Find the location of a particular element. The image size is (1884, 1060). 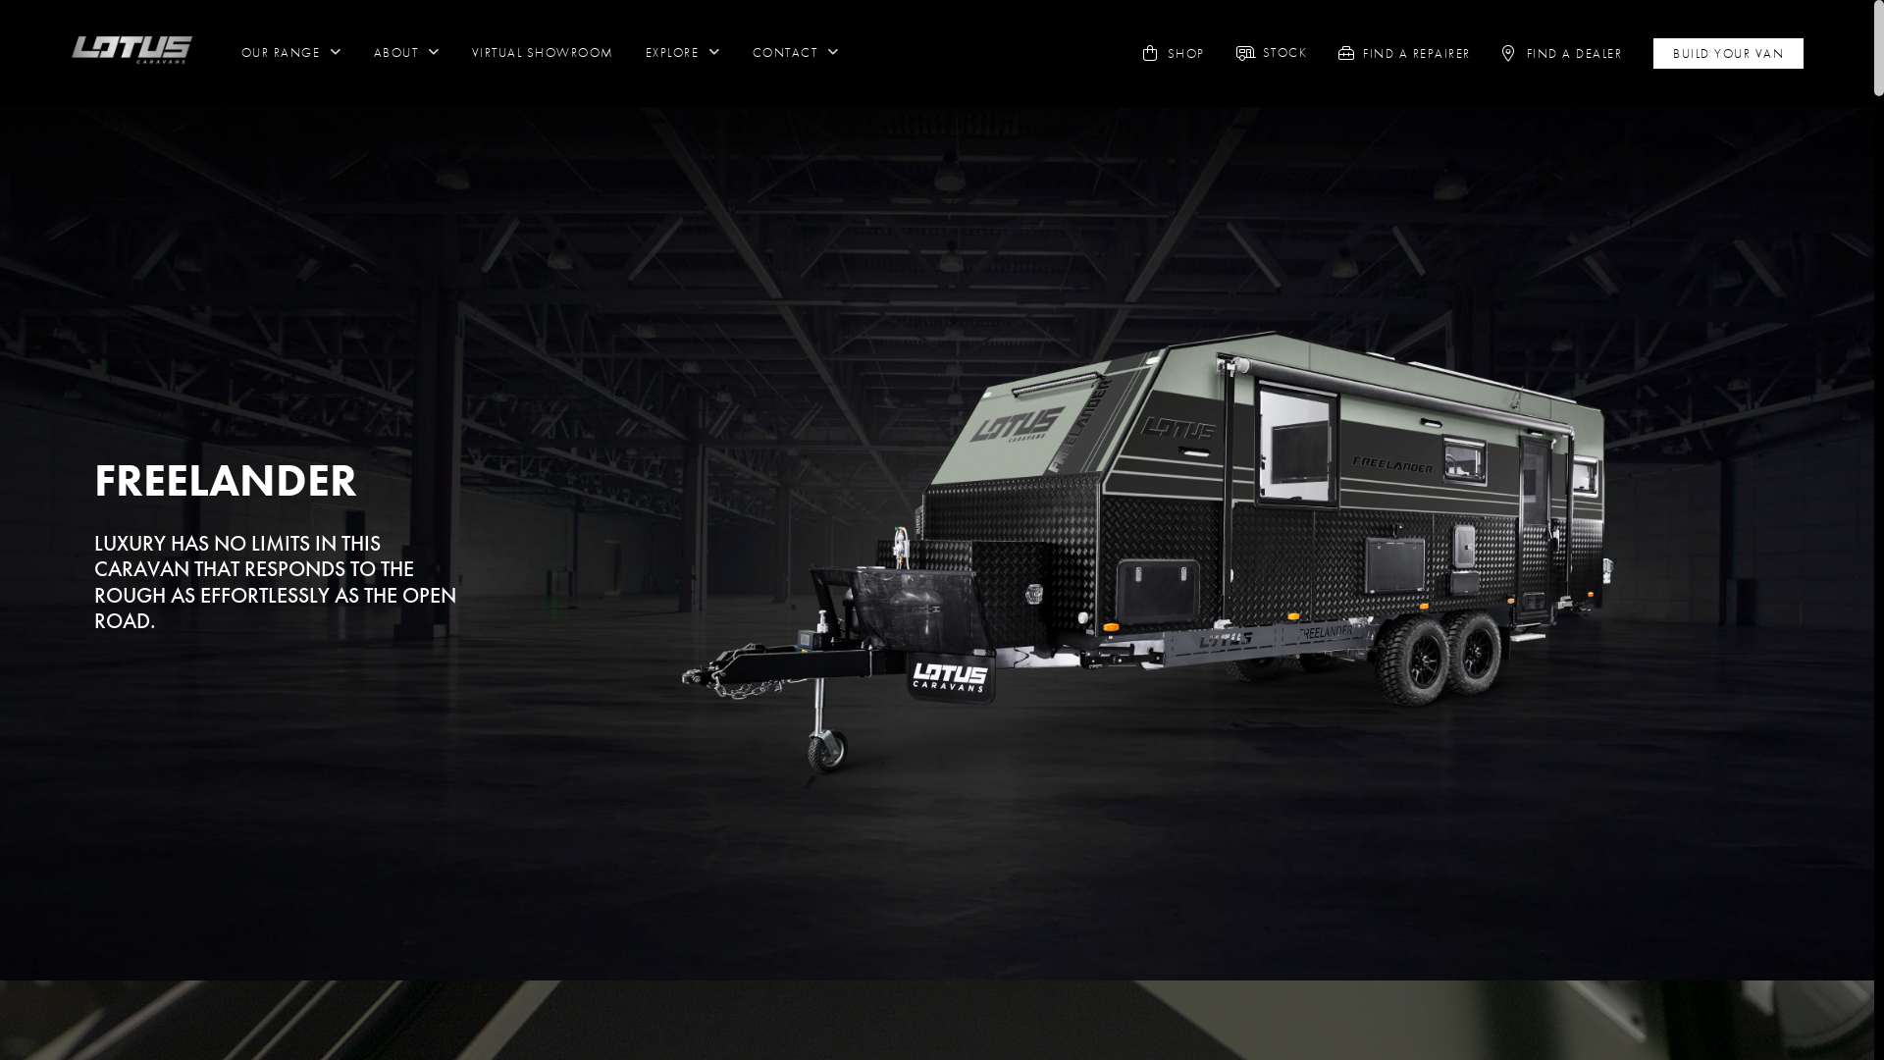

'ABOUT' is located at coordinates (405, 52).